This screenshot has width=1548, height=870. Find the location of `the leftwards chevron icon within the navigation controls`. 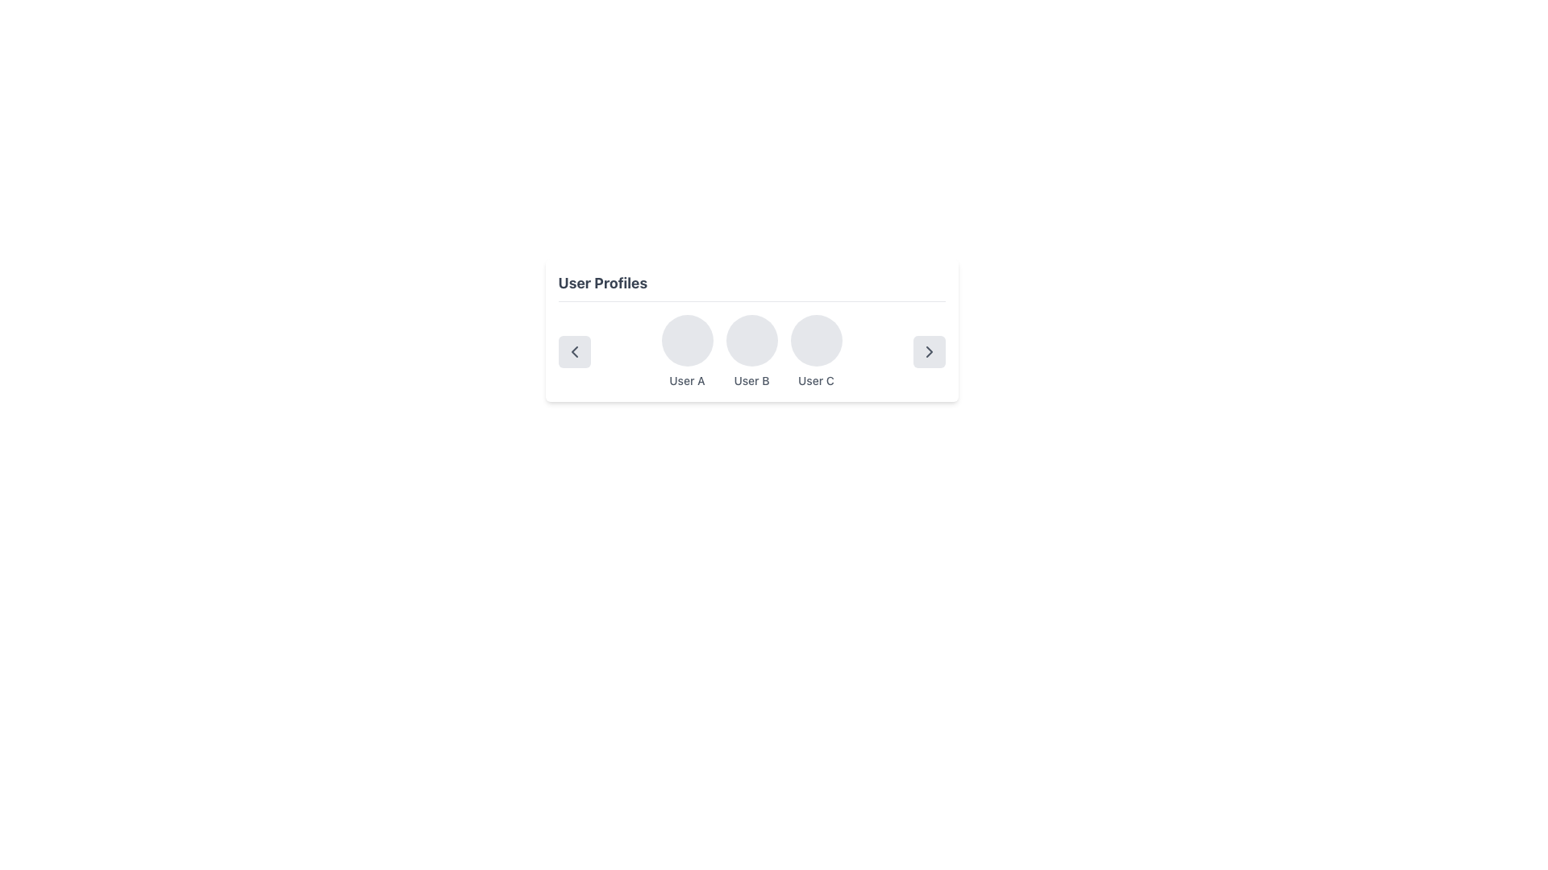

the leftwards chevron icon within the navigation controls is located at coordinates (574, 350).